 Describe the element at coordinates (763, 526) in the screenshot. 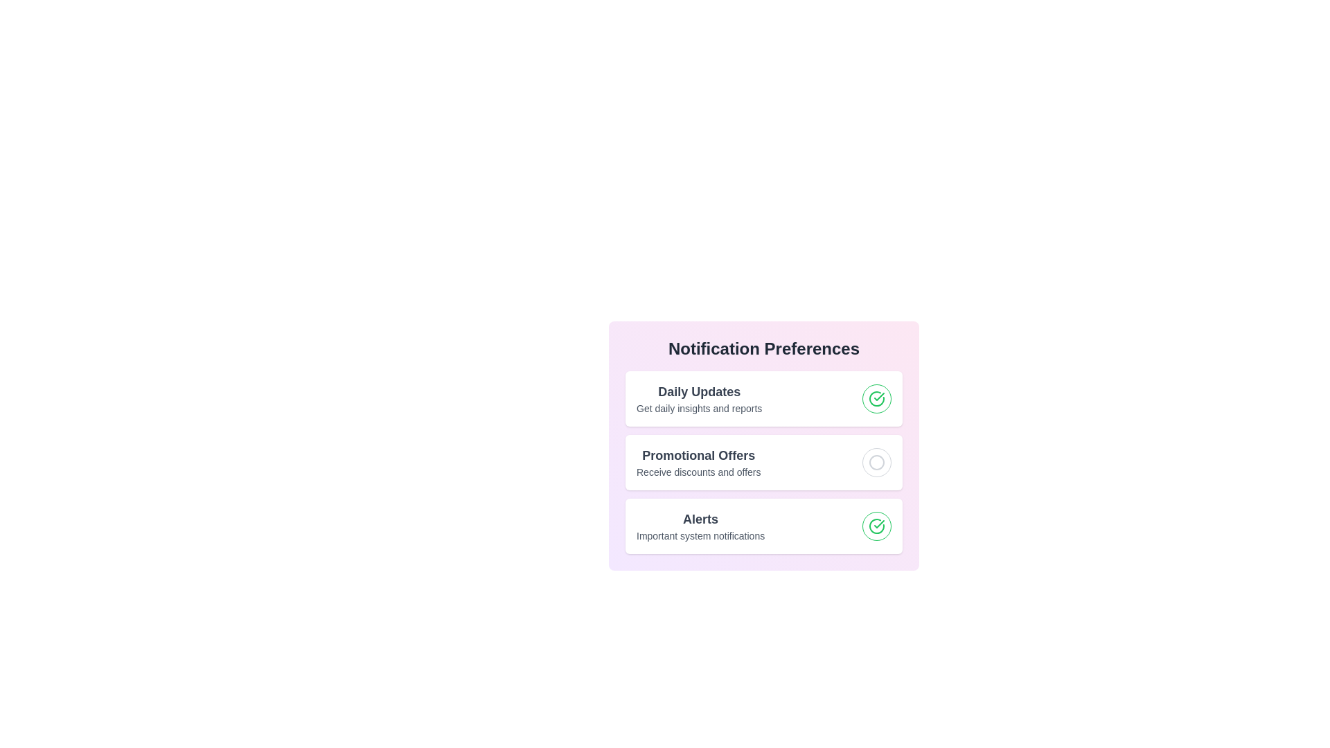

I see `the visual layout of Alerts in the NotificationSelector component` at that location.